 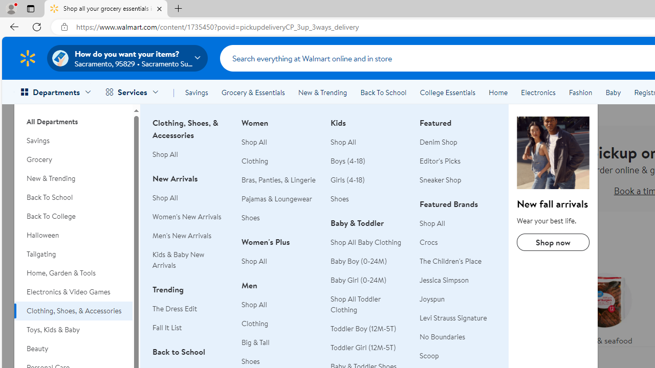 What do you see at coordinates (457, 261) in the screenshot?
I see `'The Children'` at bounding box center [457, 261].